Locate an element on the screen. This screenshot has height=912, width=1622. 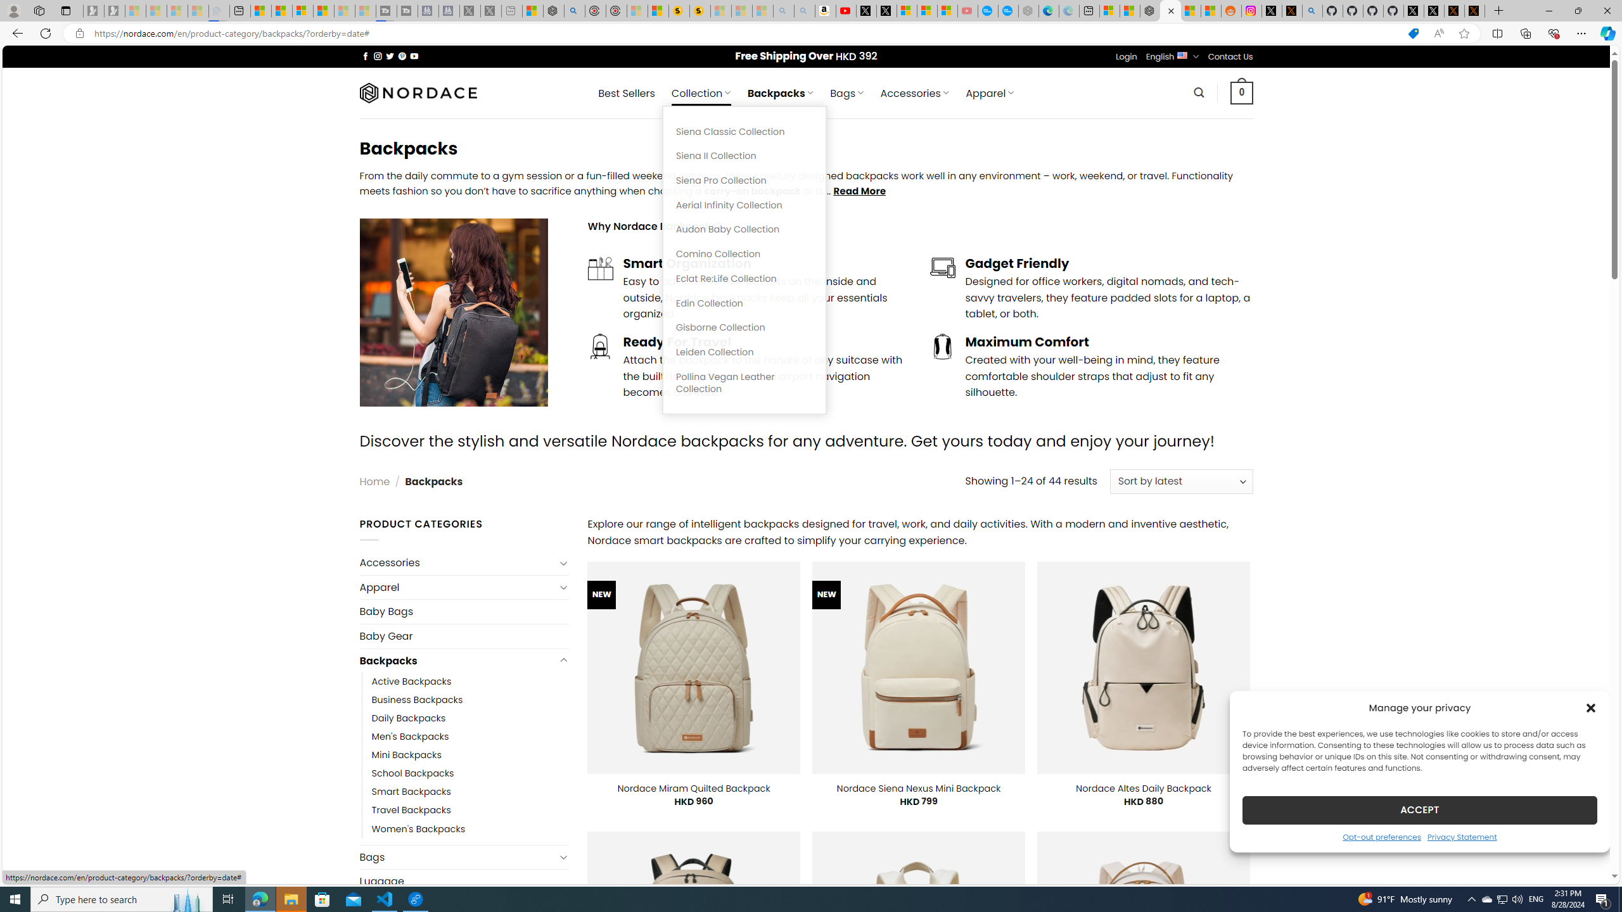
'Refresh' is located at coordinates (44, 32).